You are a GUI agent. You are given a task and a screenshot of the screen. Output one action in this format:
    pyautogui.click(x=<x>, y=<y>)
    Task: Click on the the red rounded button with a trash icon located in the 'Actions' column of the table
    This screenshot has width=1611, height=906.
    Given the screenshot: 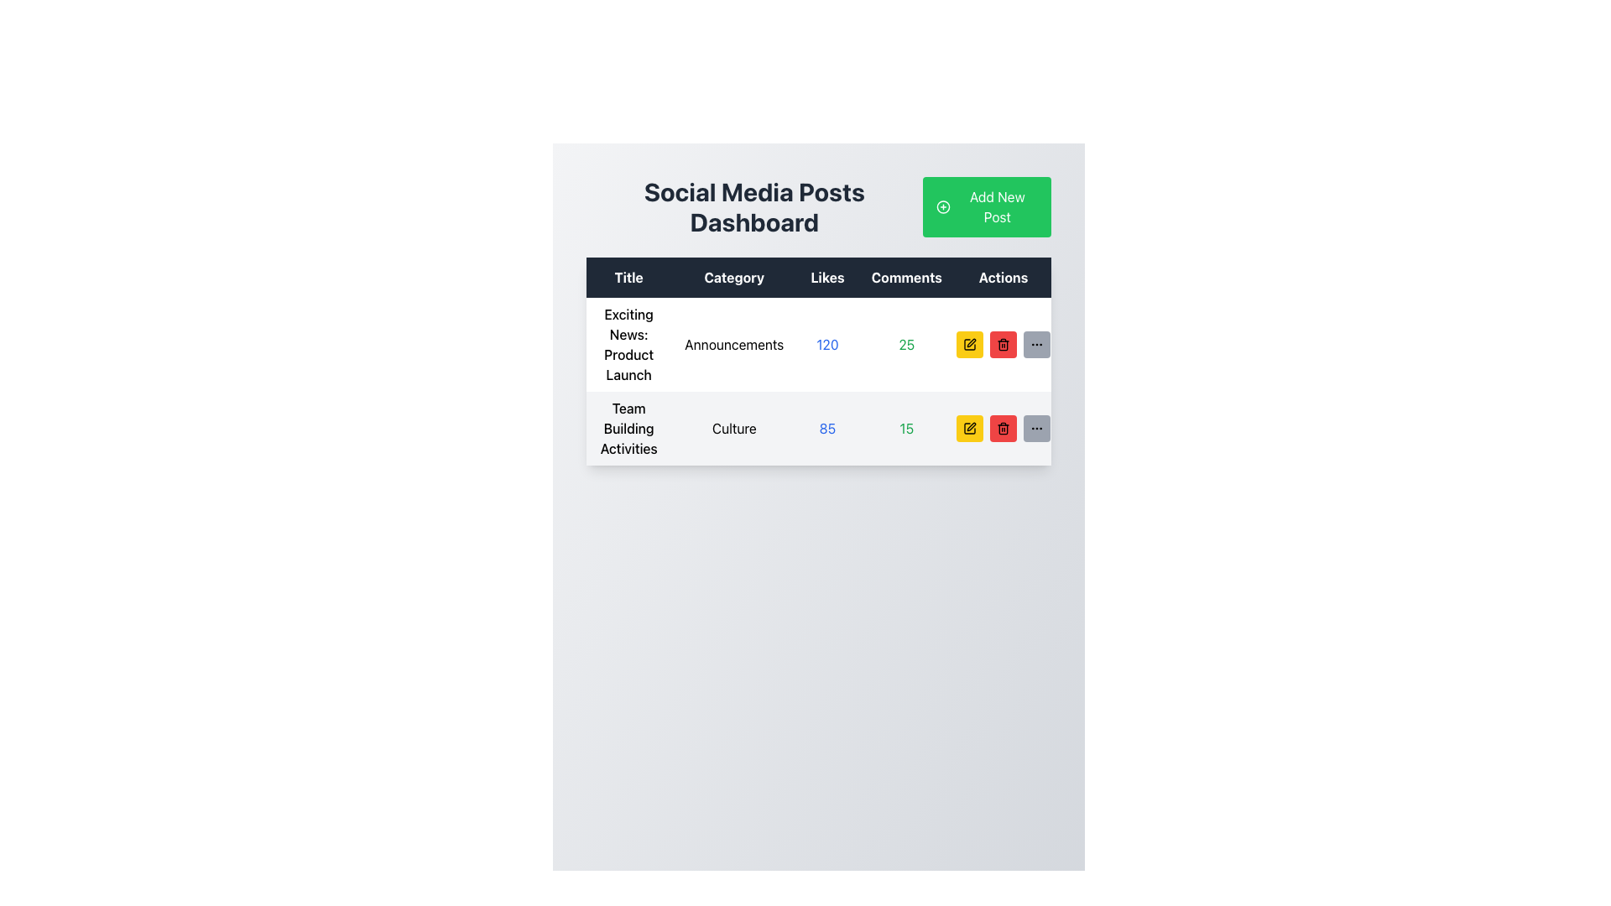 What is the action you would take?
    pyautogui.click(x=1003, y=344)
    